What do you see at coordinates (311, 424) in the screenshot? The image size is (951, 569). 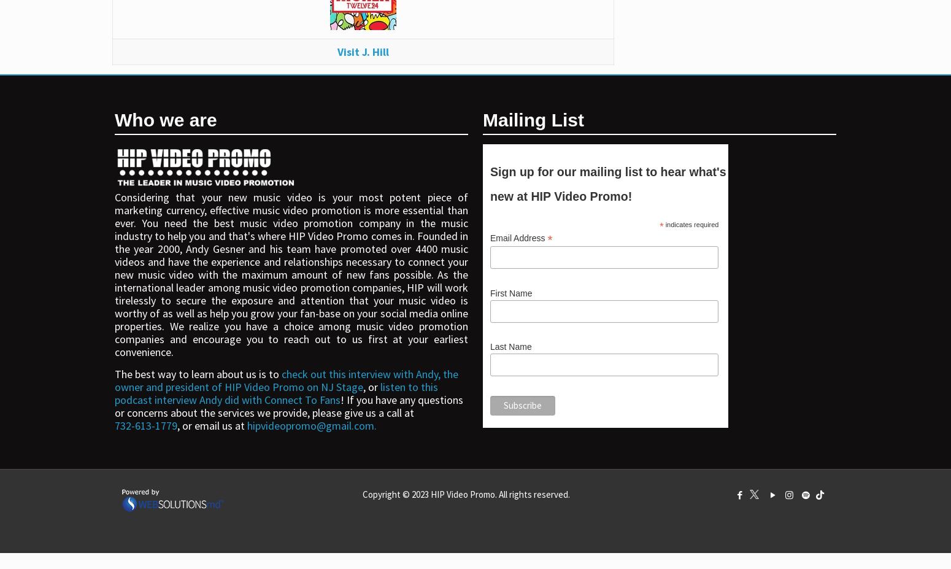 I see `'hipvideopromo@gmail.com.'` at bounding box center [311, 424].